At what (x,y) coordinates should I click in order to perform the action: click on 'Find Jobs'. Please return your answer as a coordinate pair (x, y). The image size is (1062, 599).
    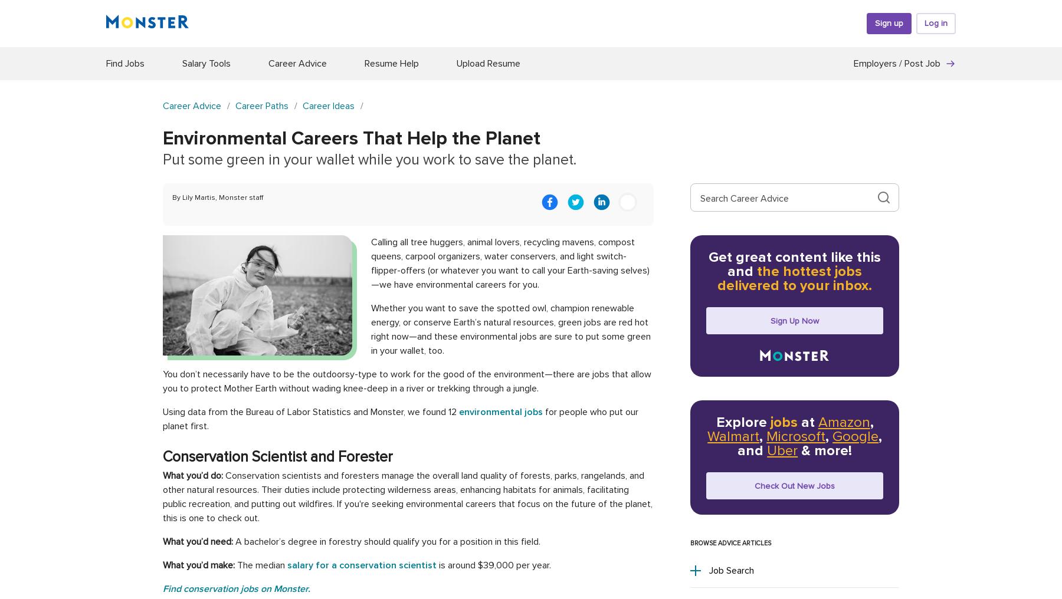
    Looking at the image, I should click on (125, 64).